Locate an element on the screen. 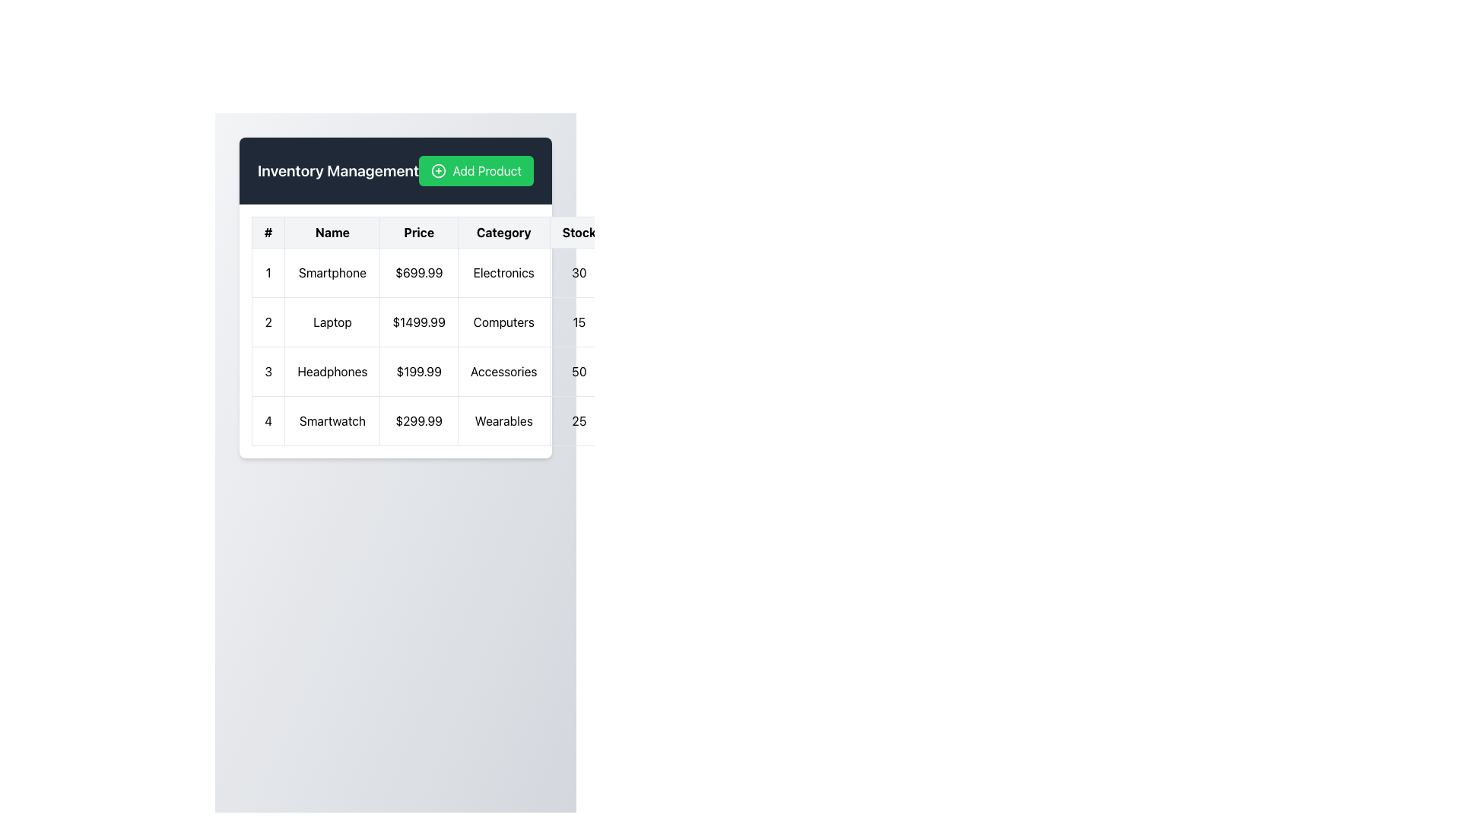 The width and height of the screenshot is (1460, 821). the circular icon representing the action of adding a product, located to the left of the 'Add Product' text in the top-right corner of the header bar is located at coordinates (438, 170).